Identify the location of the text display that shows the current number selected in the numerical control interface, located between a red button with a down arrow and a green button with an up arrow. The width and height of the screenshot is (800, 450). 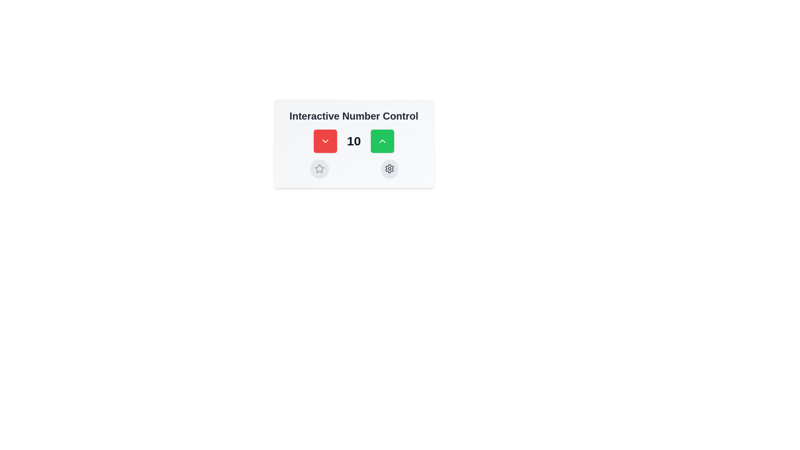
(354, 141).